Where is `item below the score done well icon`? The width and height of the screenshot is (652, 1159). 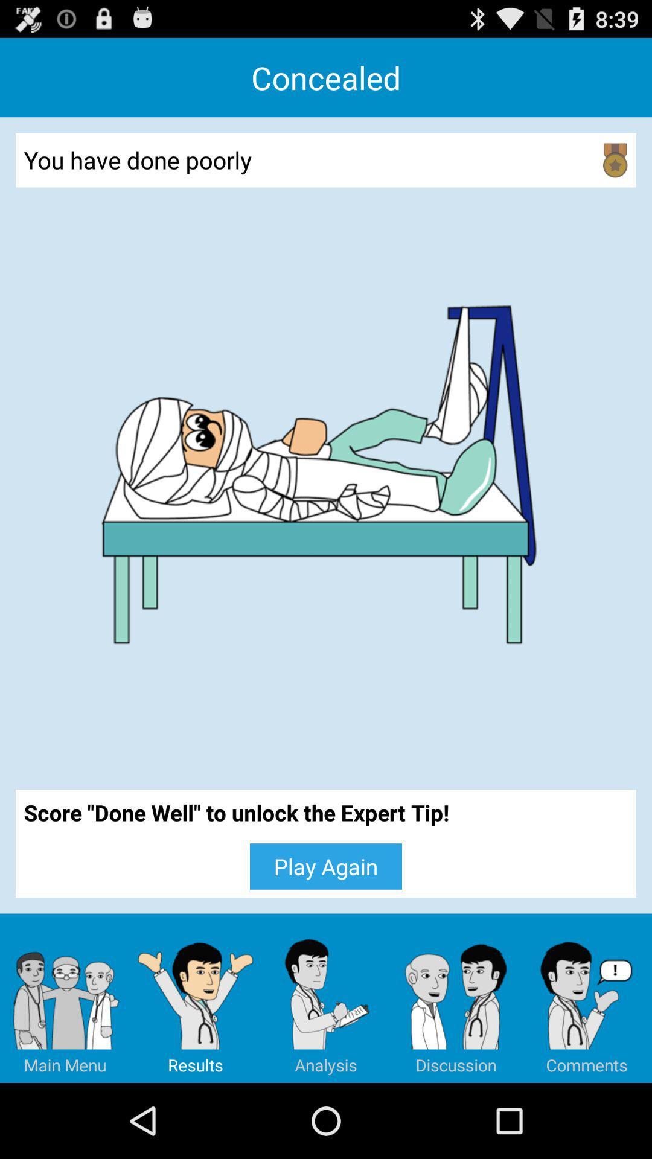 item below the score done well icon is located at coordinates (586, 998).